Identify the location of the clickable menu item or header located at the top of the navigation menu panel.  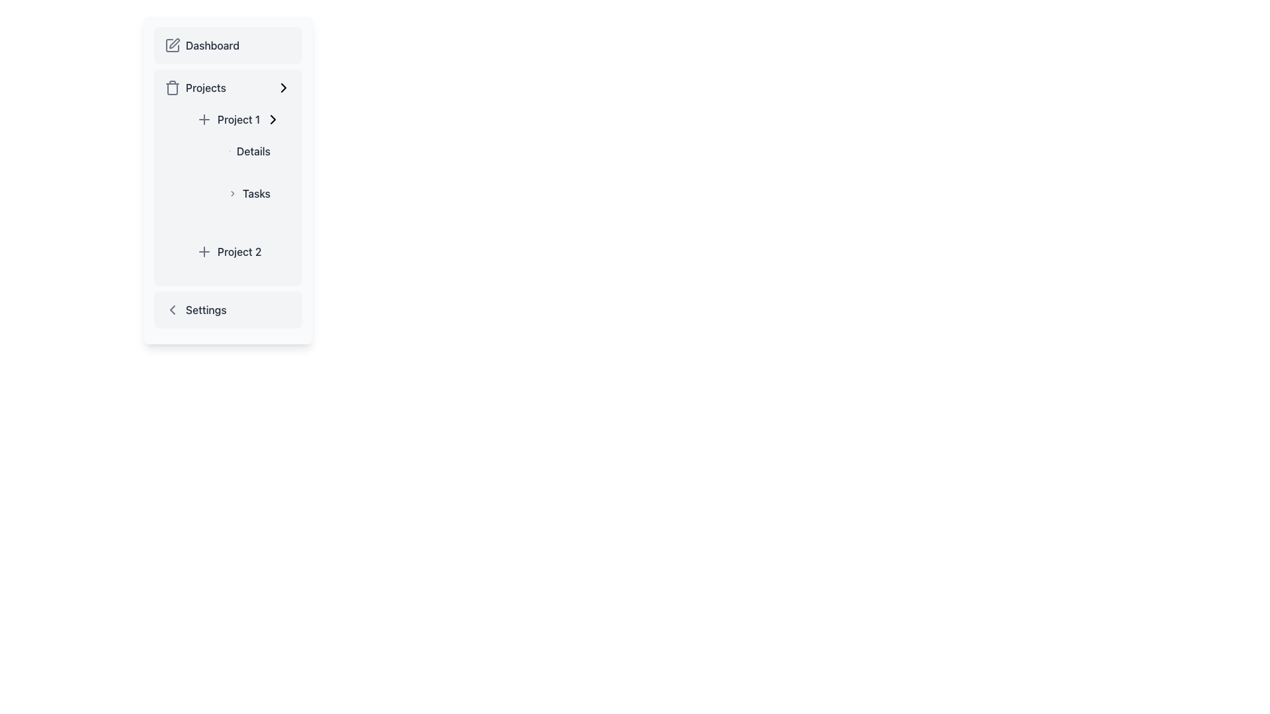
(228, 45).